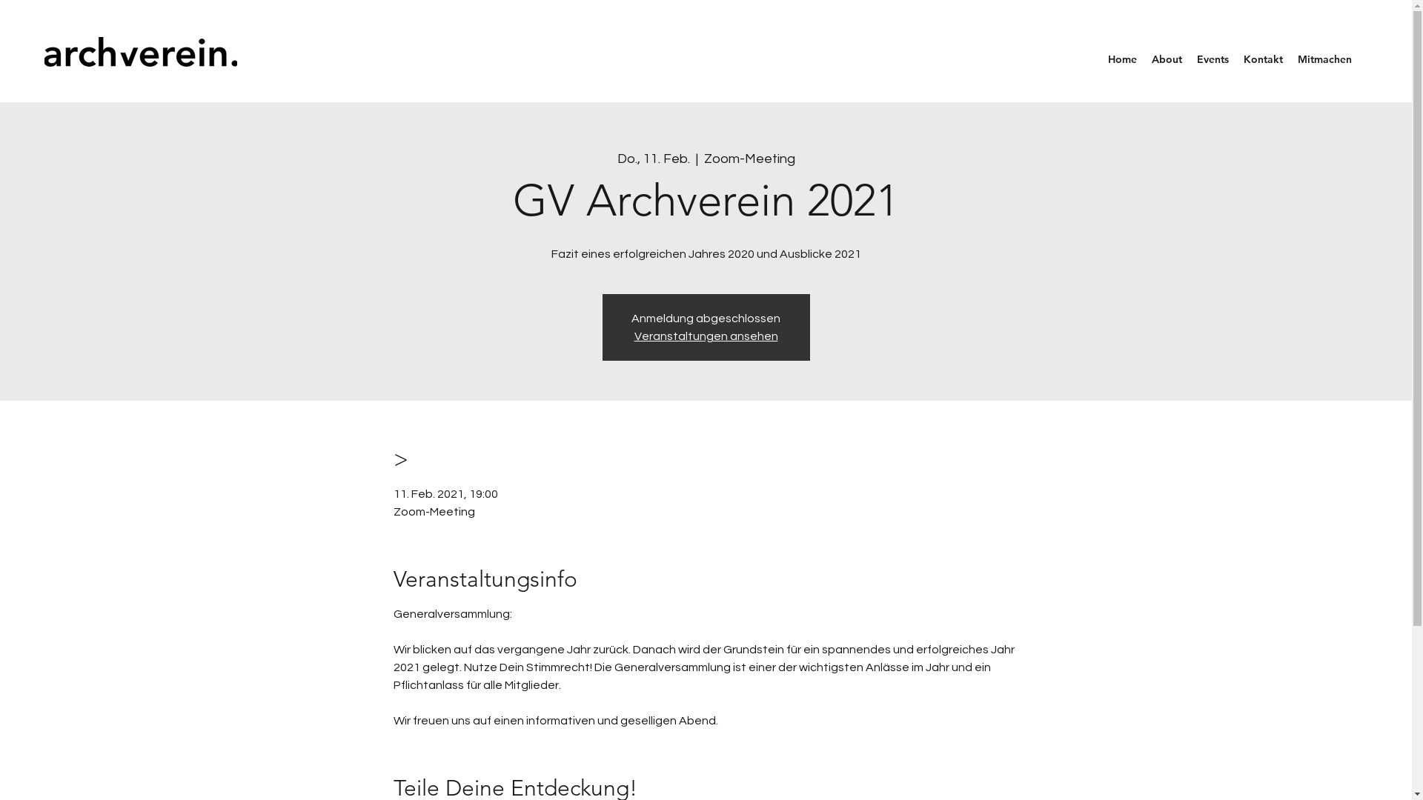 This screenshot has height=800, width=1423. What do you see at coordinates (1213, 59) in the screenshot?
I see `'Events'` at bounding box center [1213, 59].